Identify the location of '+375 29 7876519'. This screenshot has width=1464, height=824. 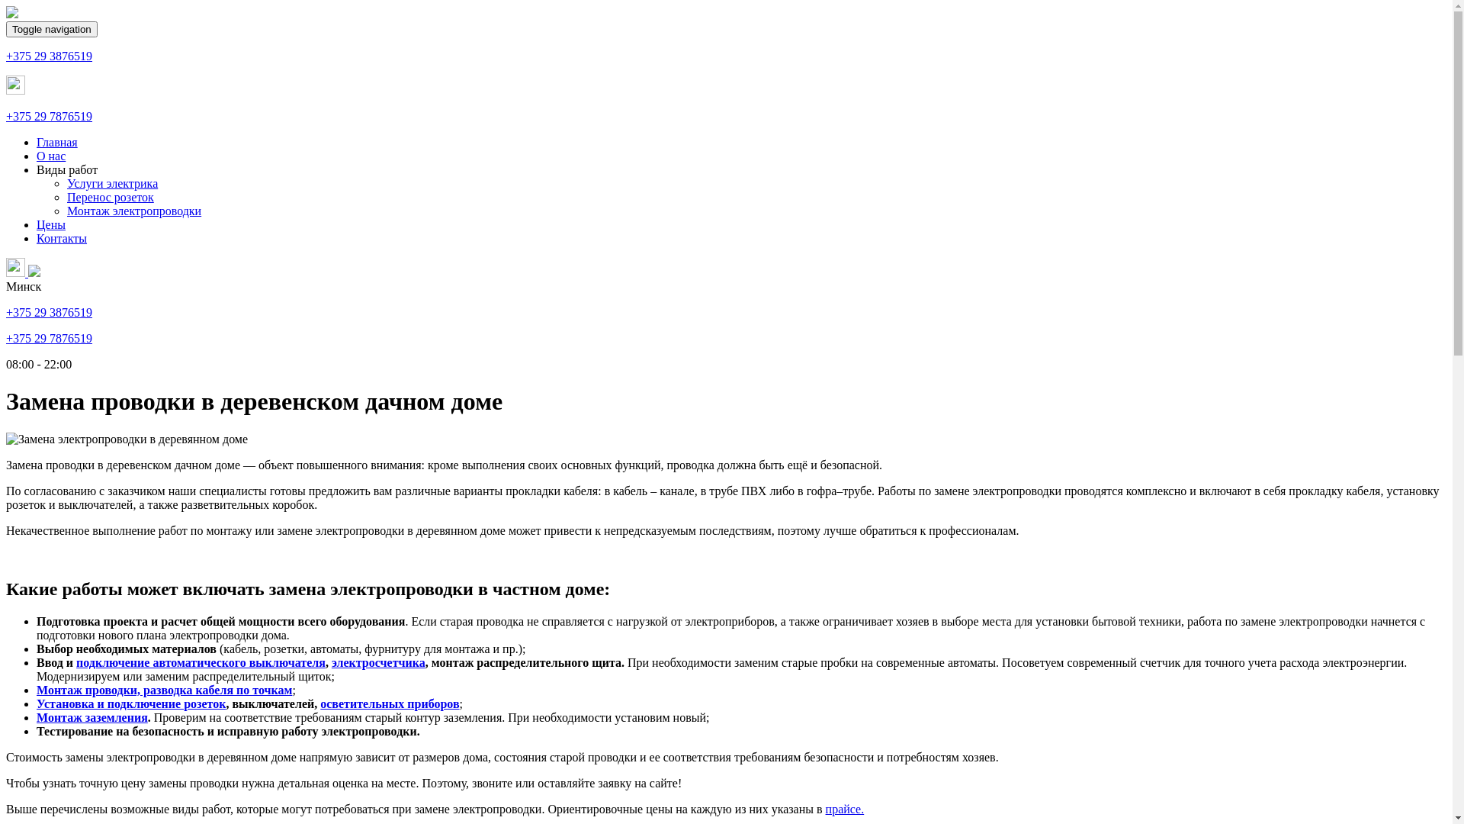
(49, 337).